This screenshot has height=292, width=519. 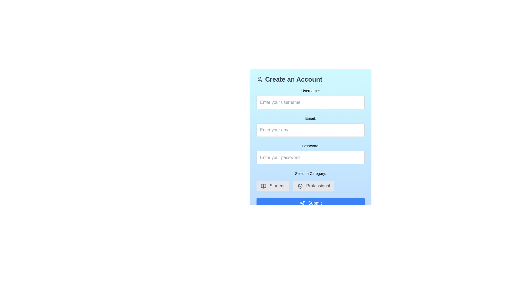 I want to click on the blue paper plane icon located on the far-left side of the 'Submit' button, so click(x=302, y=203).